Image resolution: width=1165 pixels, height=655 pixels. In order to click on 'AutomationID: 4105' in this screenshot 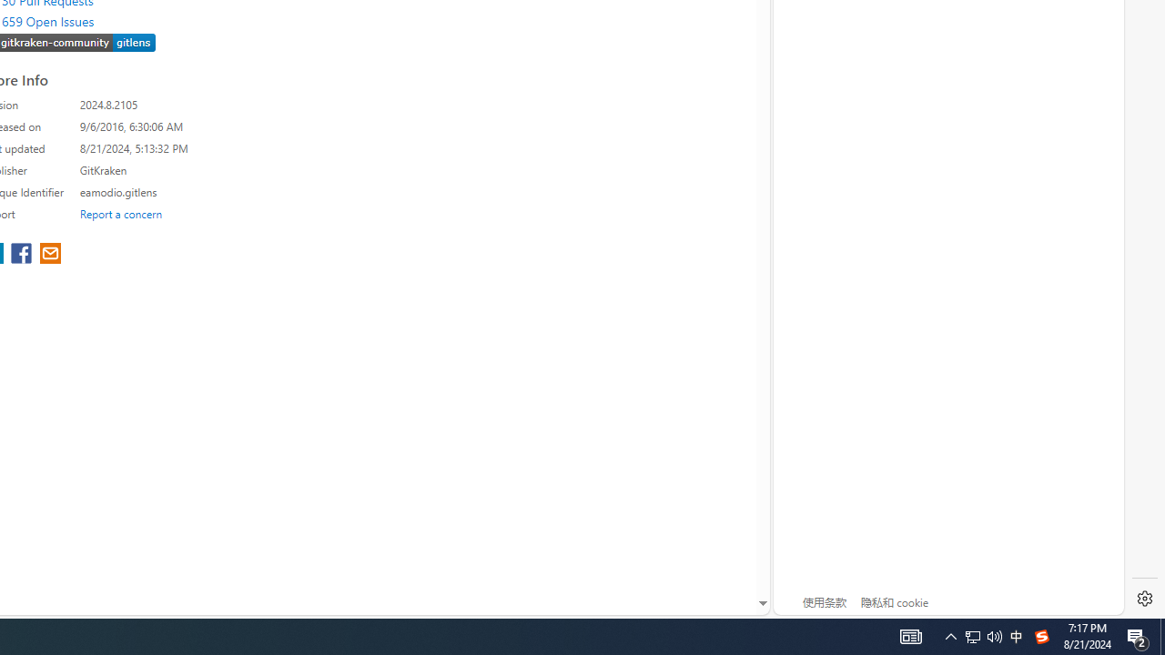, I will do `click(910, 635)`.